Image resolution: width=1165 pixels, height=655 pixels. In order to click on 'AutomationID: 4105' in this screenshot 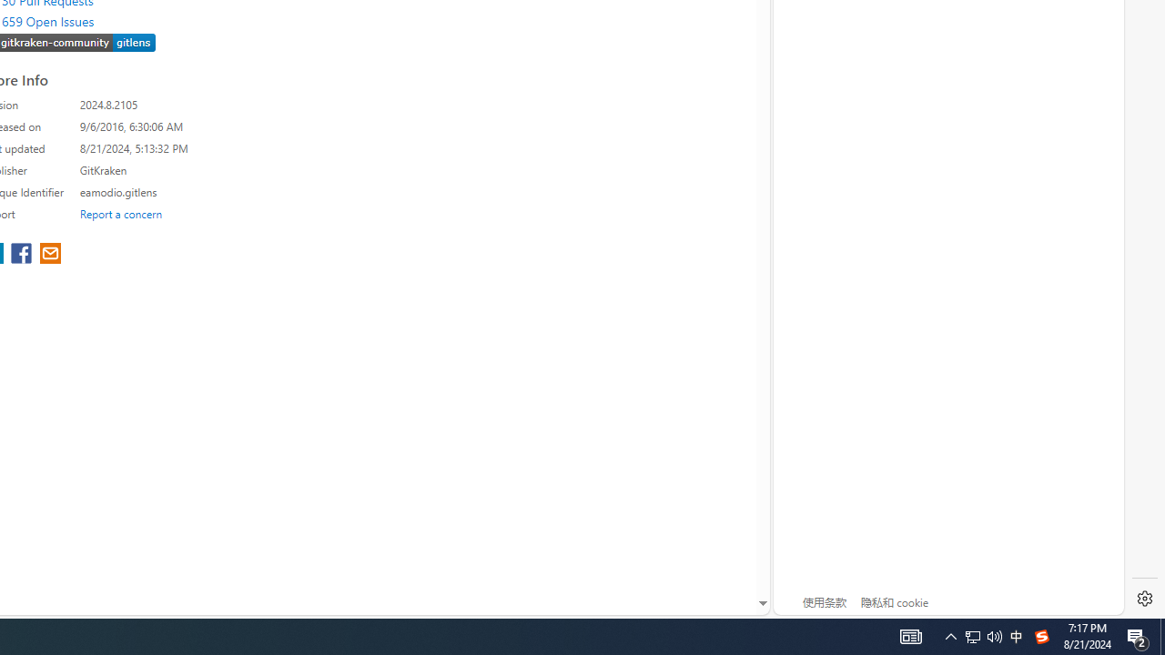, I will do `click(910, 635)`.